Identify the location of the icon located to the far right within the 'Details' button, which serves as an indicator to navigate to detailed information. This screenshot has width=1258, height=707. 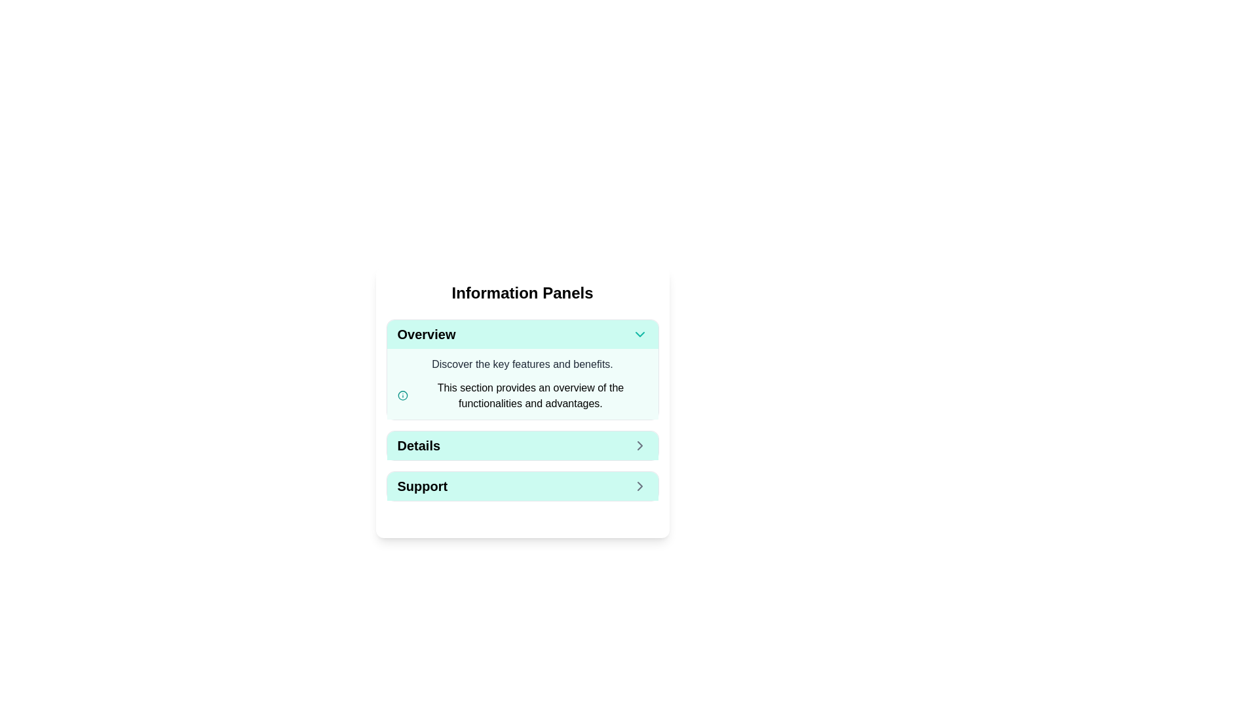
(639, 445).